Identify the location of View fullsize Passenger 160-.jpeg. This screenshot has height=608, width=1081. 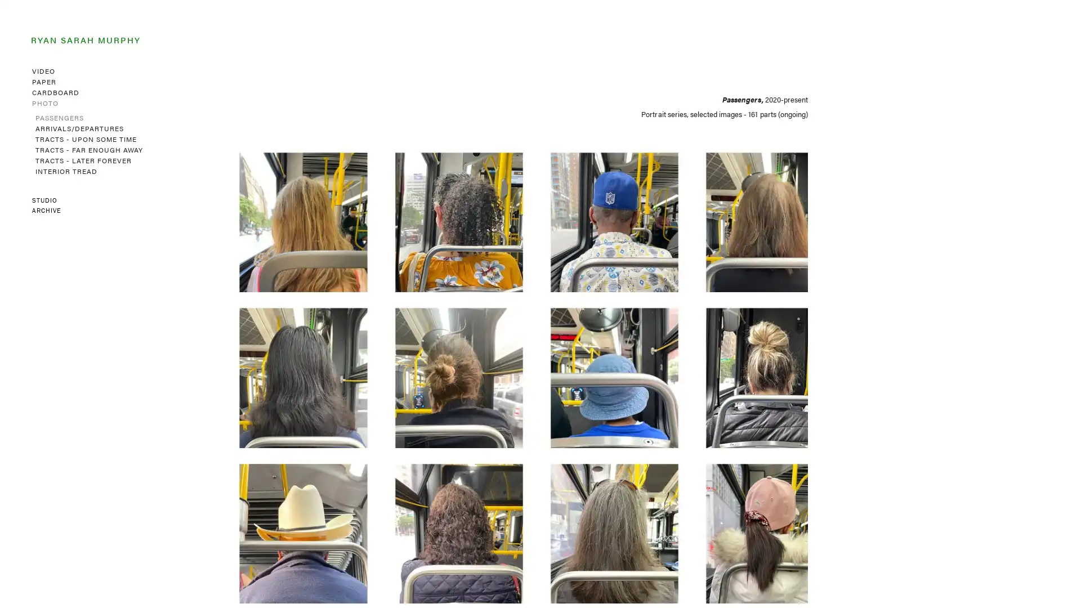
(425, 207).